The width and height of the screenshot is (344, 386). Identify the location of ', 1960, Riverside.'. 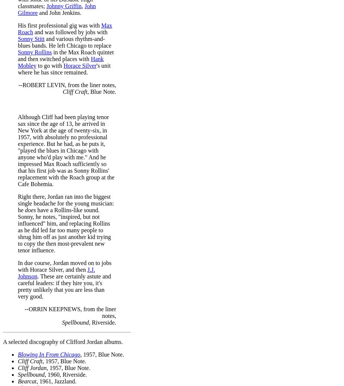
(66, 374).